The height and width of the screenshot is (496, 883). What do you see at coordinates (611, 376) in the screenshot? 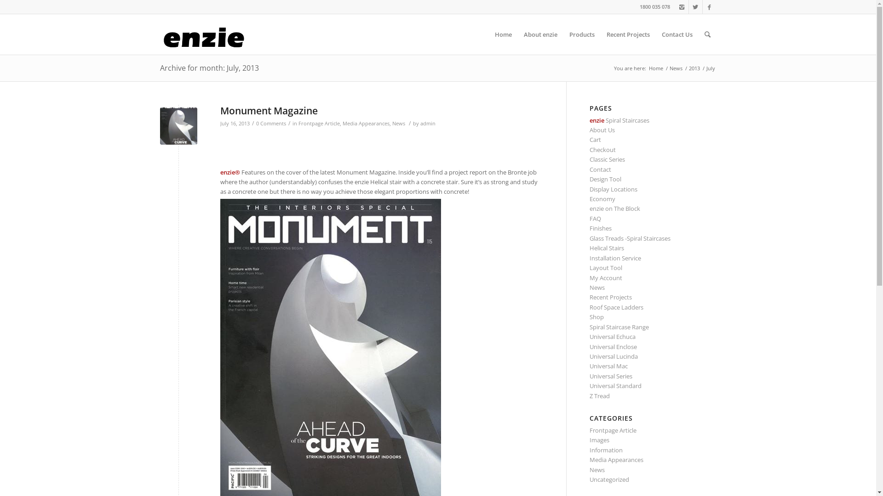
I see `'Universal Series'` at bounding box center [611, 376].